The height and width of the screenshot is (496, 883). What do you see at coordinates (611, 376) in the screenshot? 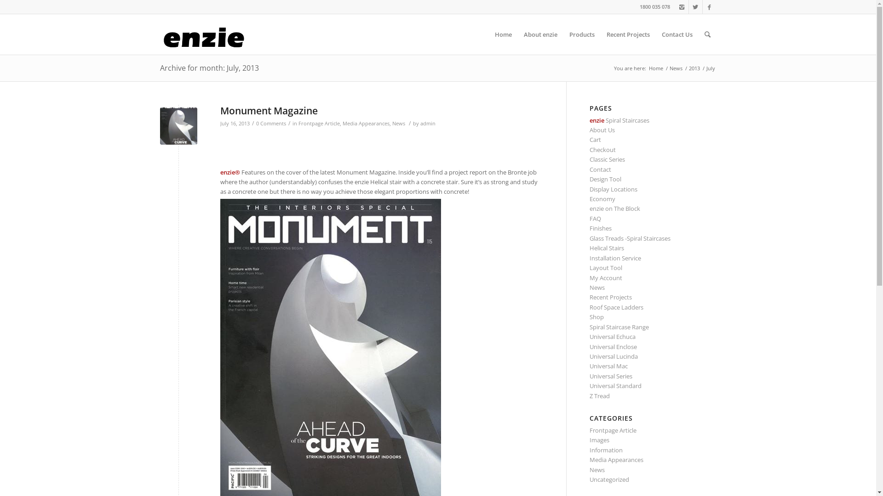
I see `'Universal Series'` at bounding box center [611, 376].